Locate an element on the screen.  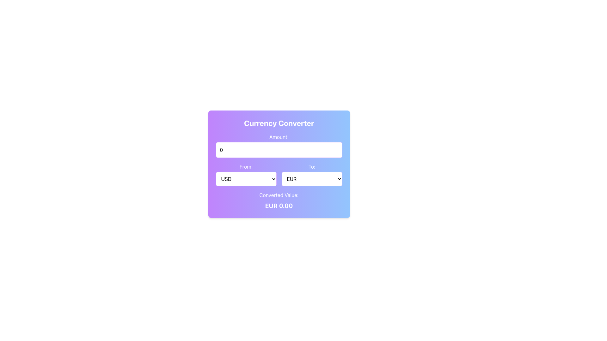
the 'Converted Value:' label that displays 'EUR 0.00', which is a two-line text component located at the bottom of the 'Currency Converter' card is located at coordinates (279, 201).